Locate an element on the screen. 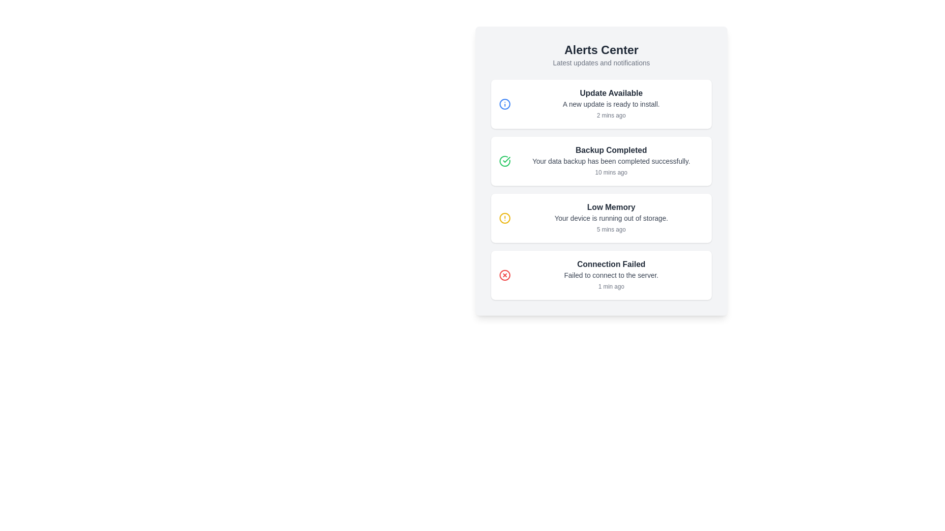 The width and height of the screenshot is (945, 531). notification message 'Failed to connect to the server.' located in the fourth card beneath the title 'Connection Failed' is located at coordinates (611, 275).